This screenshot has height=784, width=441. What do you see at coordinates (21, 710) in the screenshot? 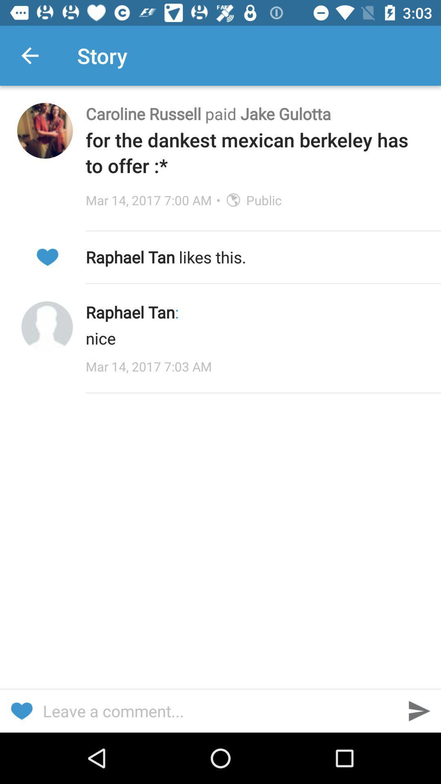
I see `like` at bounding box center [21, 710].